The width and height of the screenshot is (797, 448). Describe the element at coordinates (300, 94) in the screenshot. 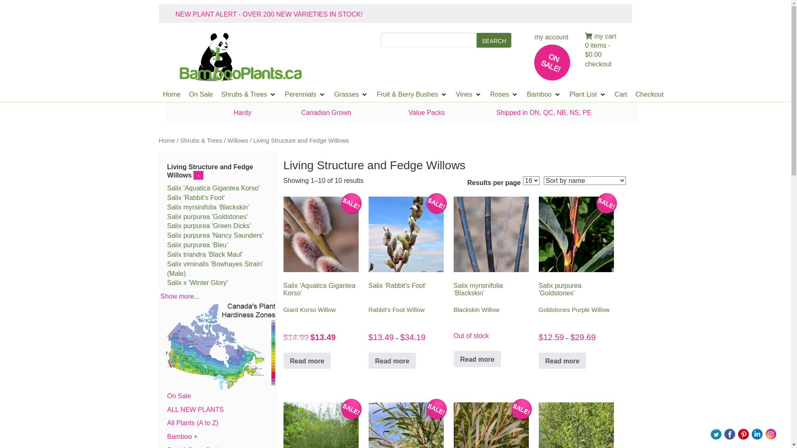

I see `'Perennials'` at that location.